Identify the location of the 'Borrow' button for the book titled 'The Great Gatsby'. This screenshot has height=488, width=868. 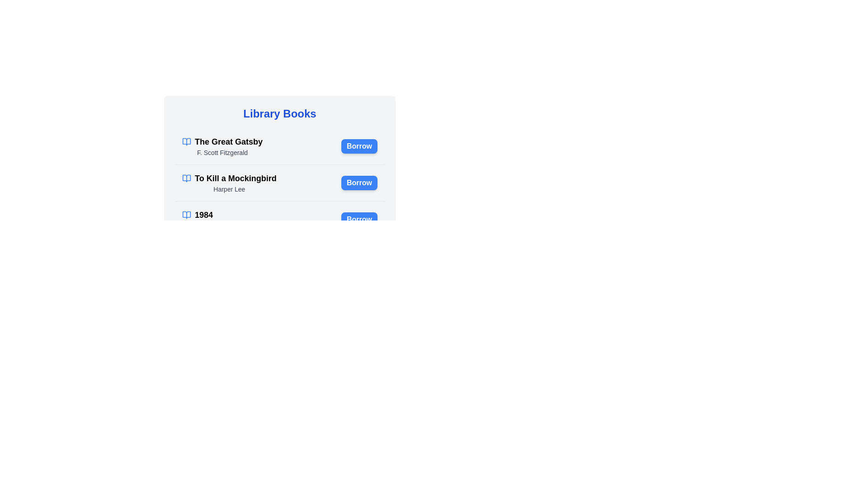
(359, 146).